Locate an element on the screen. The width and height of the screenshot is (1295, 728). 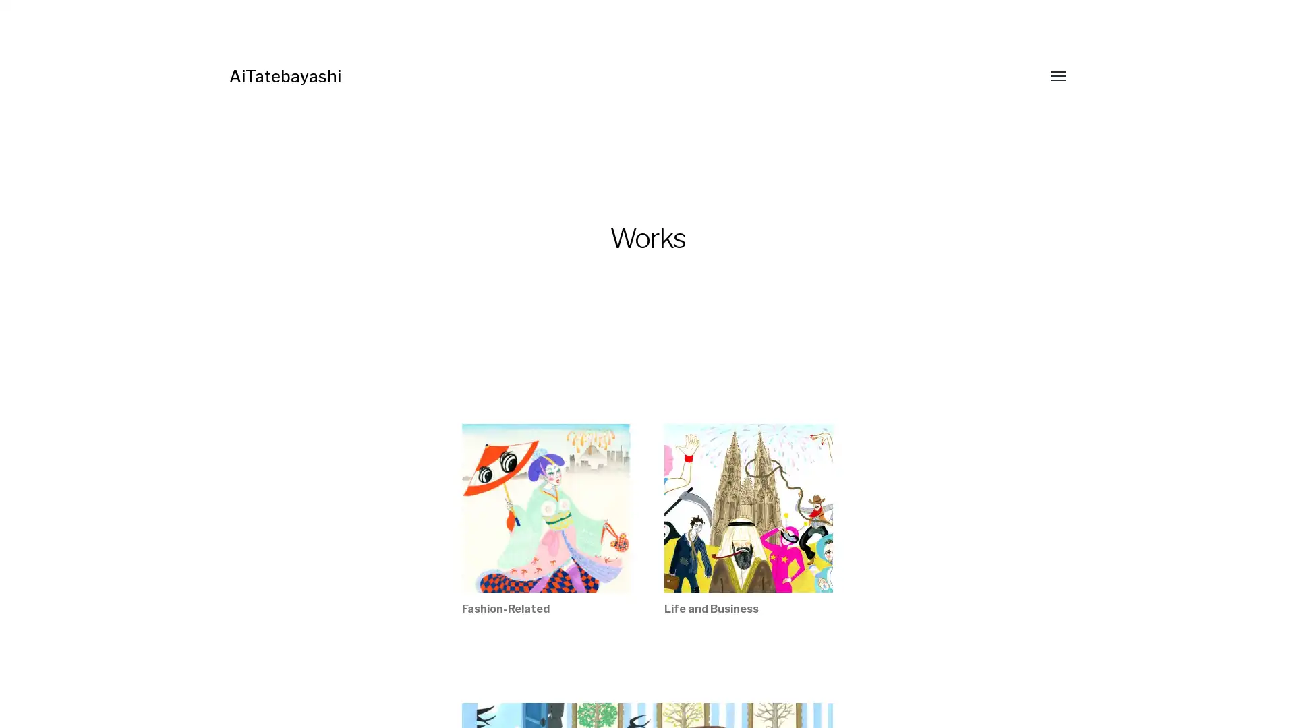
Toggle menu is located at coordinates (1048, 77).